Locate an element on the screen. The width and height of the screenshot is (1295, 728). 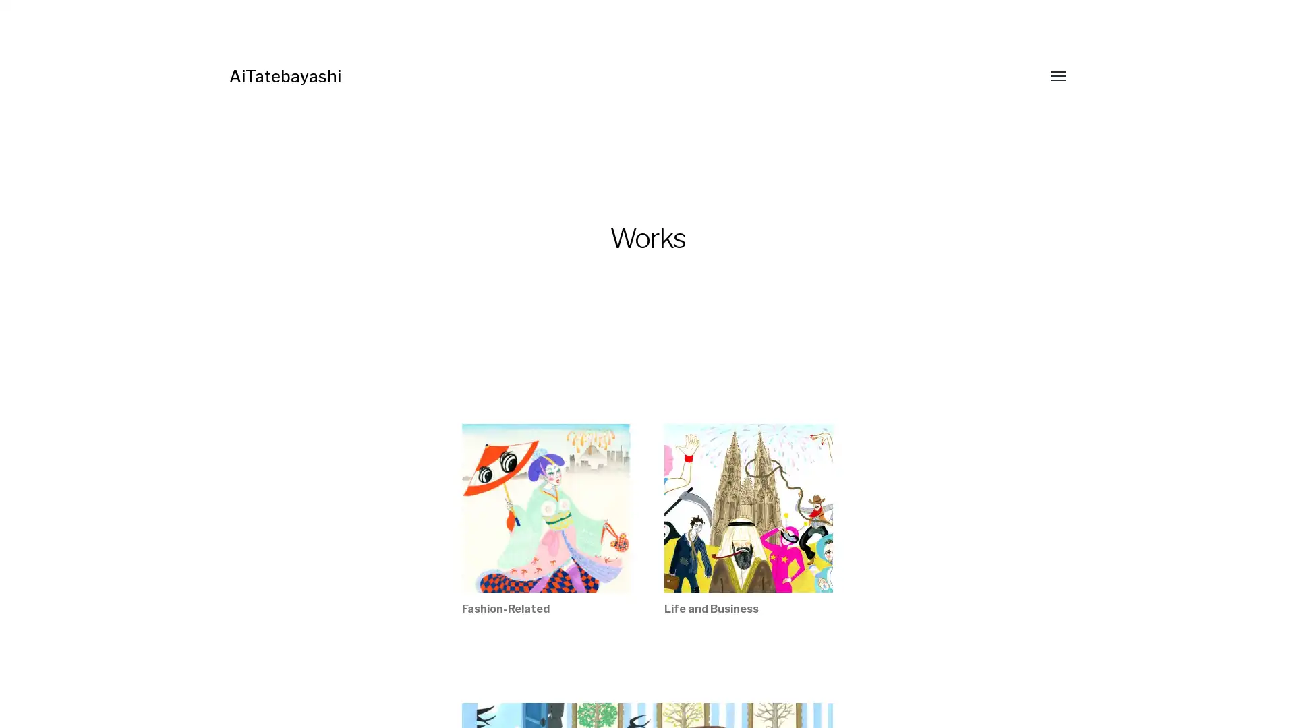
Toggle menu is located at coordinates (1048, 77).